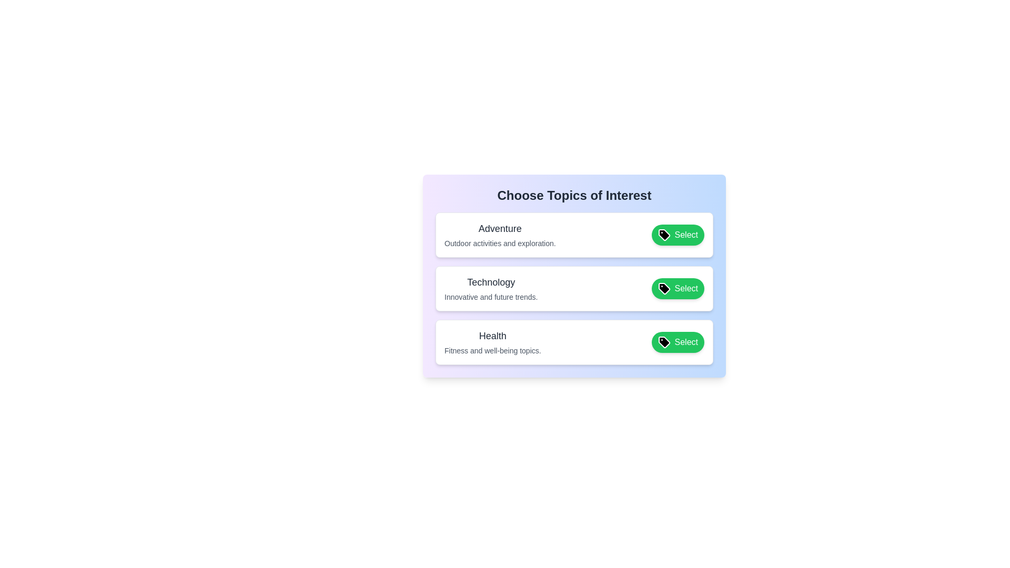 The height and width of the screenshot is (568, 1010). Describe the element at coordinates (499, 342) in the screenshot. I see `the tag item labeled 'Health'` at that location.